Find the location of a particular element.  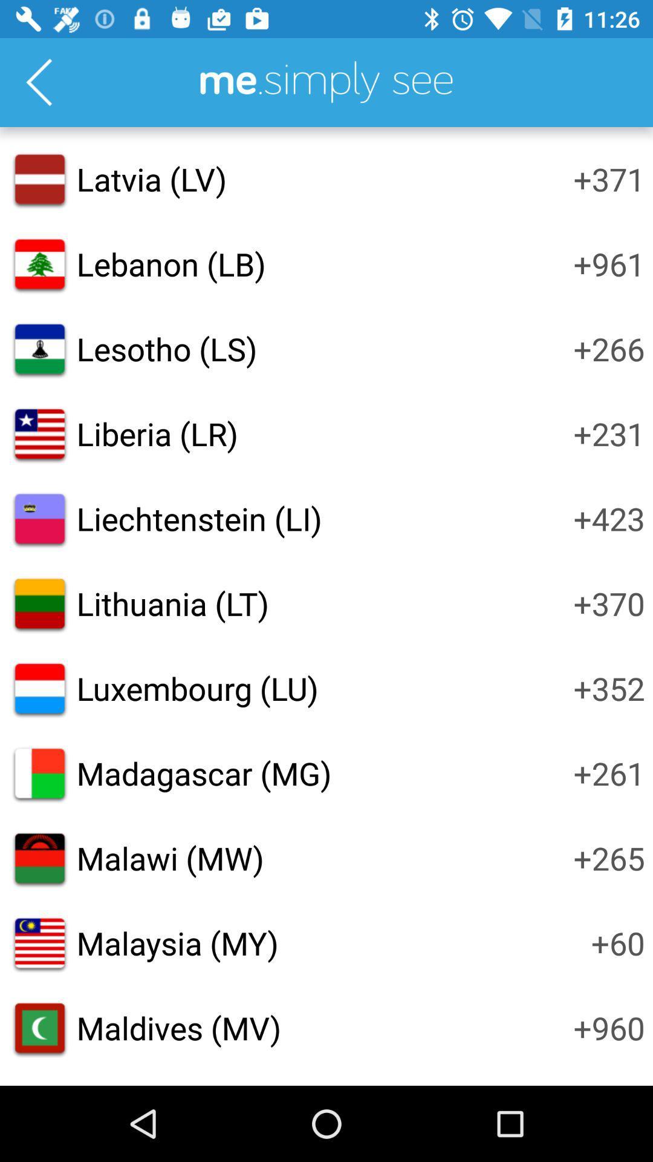

+261 icon is located at coordinates (609, 772).